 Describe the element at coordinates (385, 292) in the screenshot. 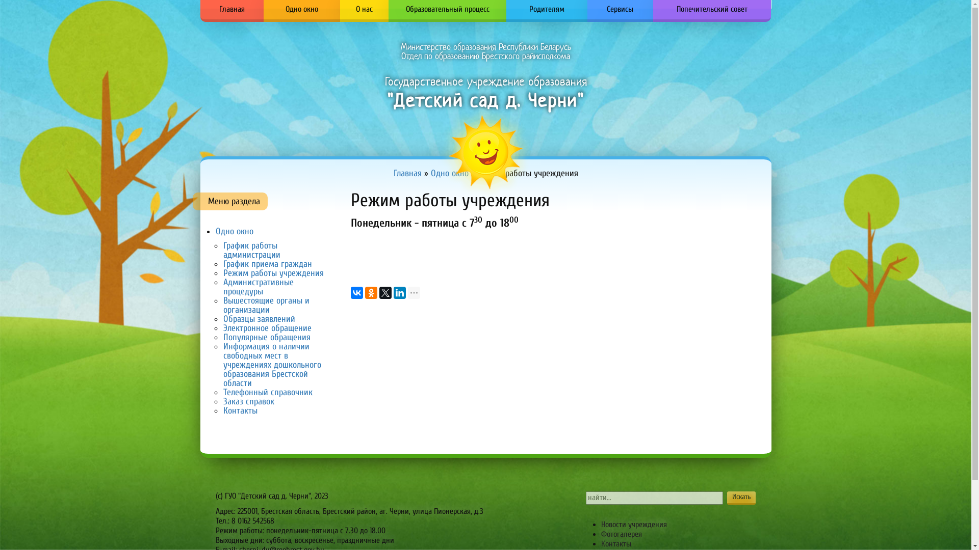

I see `'Twitter'` at that location.